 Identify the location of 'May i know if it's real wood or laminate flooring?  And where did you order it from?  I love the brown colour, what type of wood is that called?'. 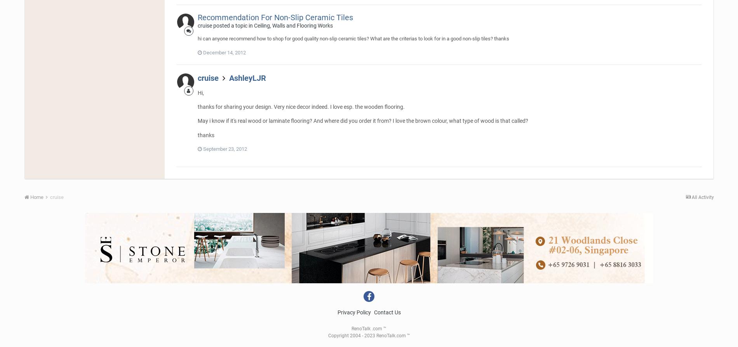
(362, 121).